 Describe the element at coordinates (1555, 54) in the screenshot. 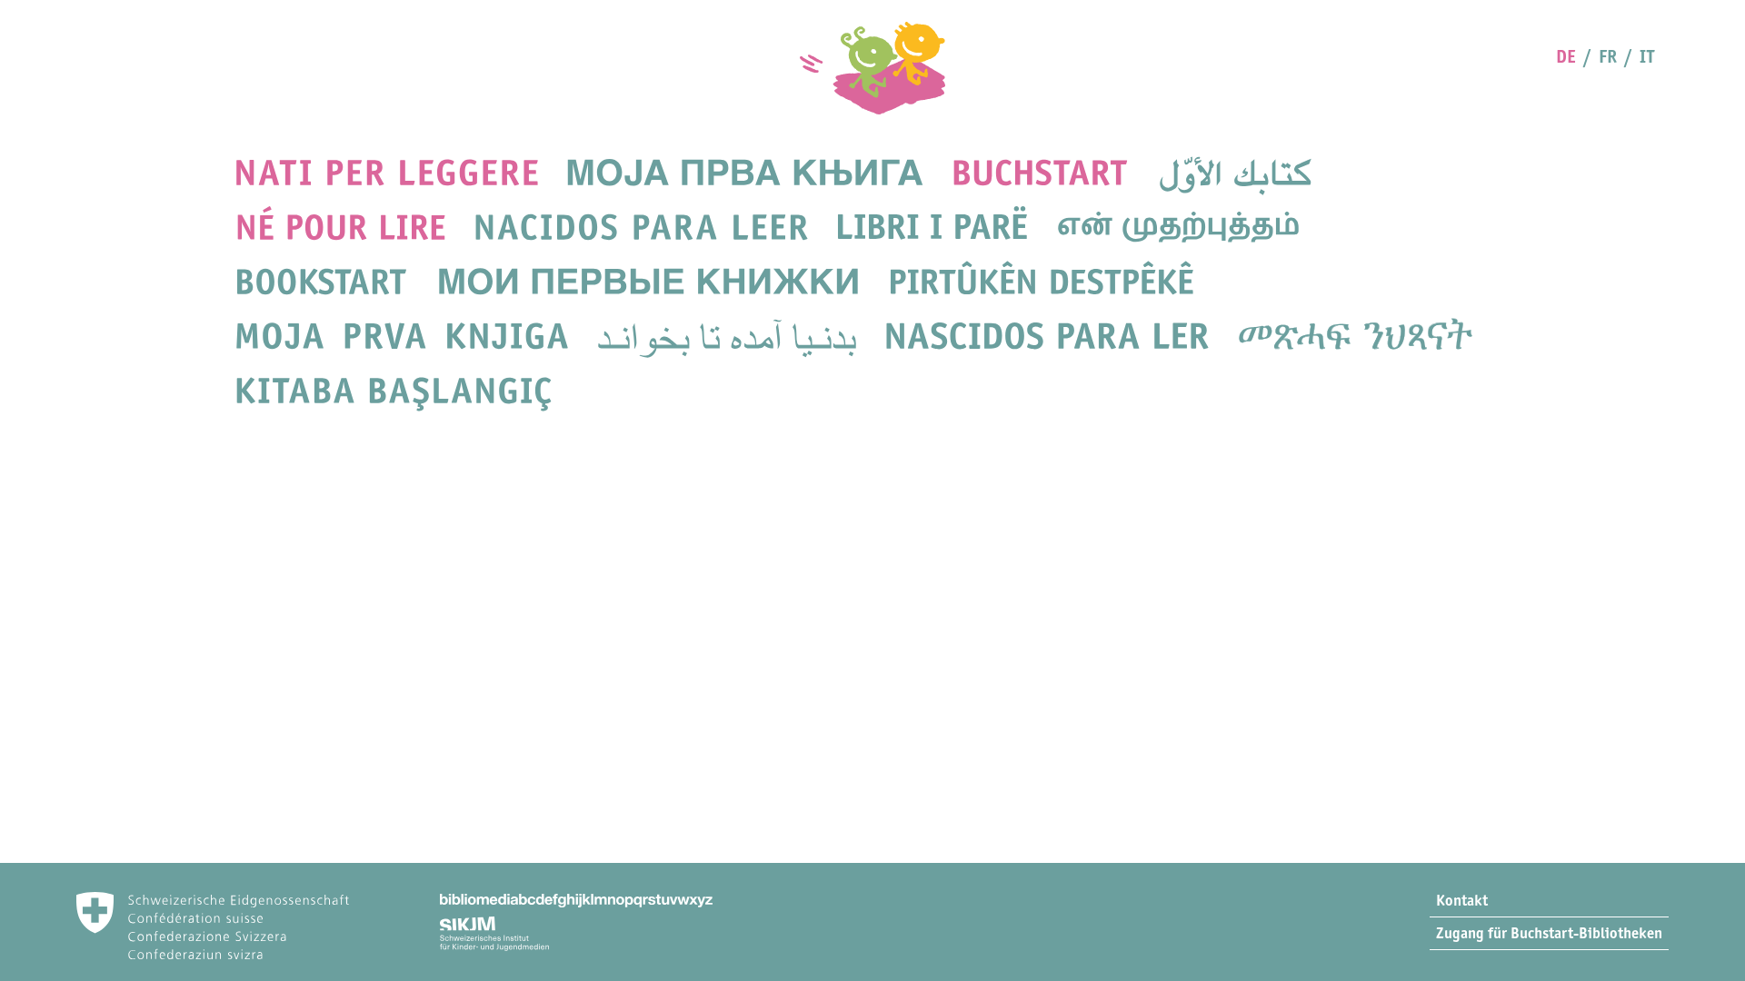

I see `'DE'` at that location.